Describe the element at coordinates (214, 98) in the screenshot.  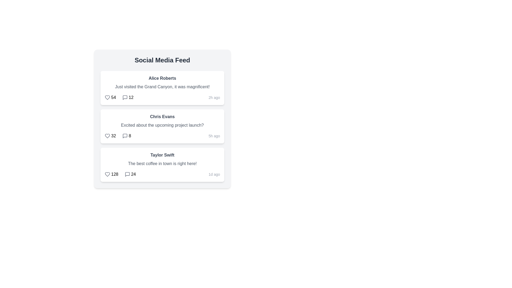
I see `the time metadata of the first post to inspect it` at that location.